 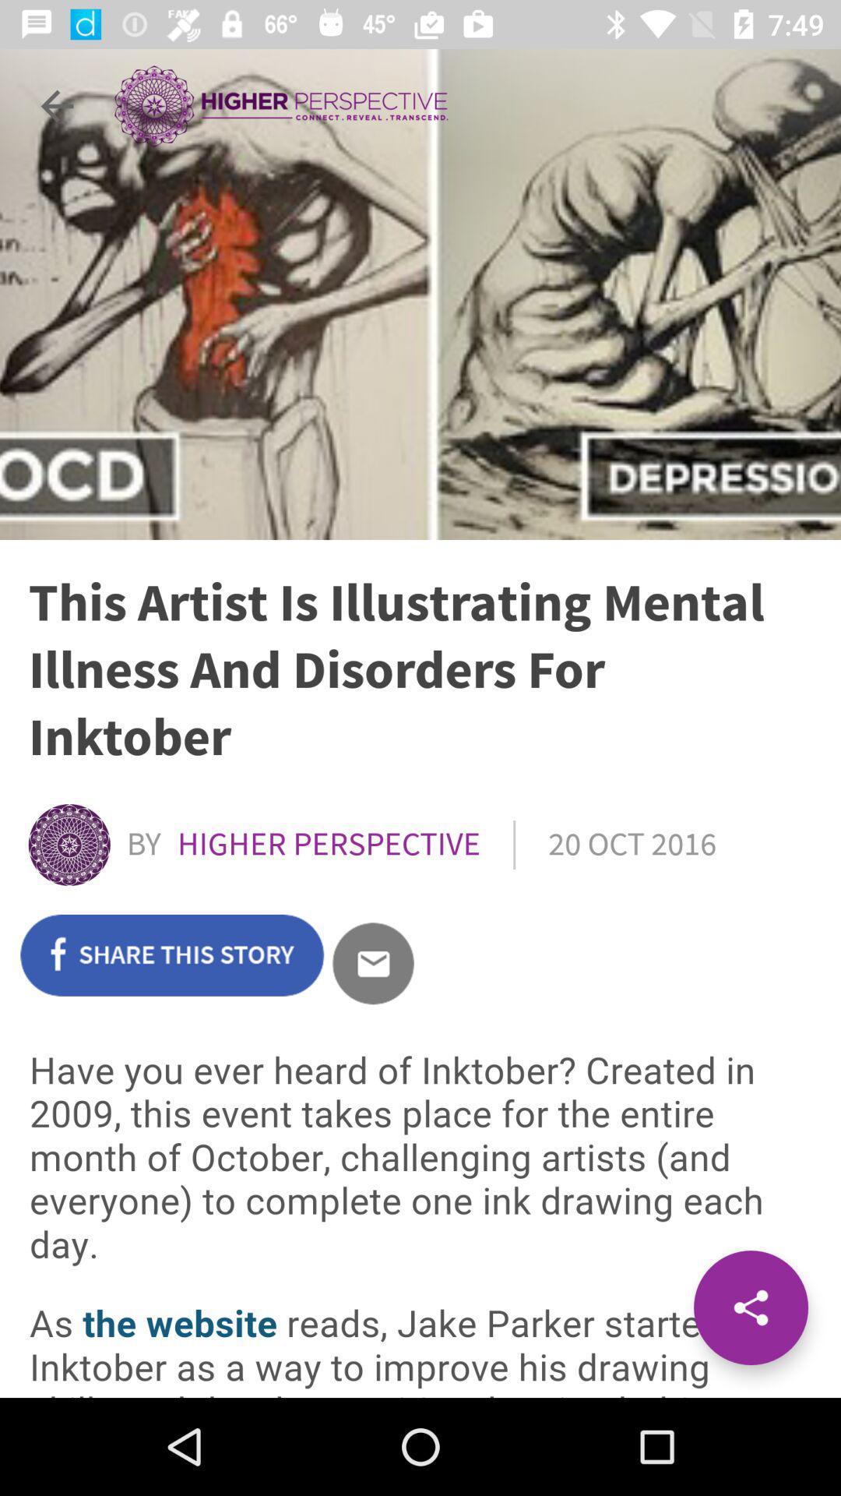 What do you see at coordinates (373, 962) in the screenshot?
I see `the email icon` at bounding box center [373, 962].